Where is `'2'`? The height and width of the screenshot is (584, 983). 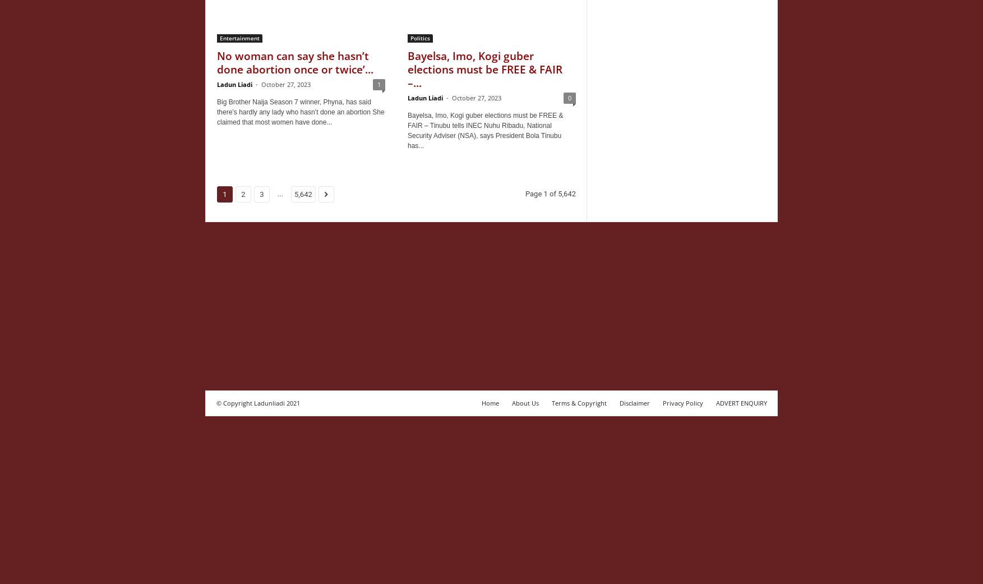 '2' is located at coordinates (241, 194).